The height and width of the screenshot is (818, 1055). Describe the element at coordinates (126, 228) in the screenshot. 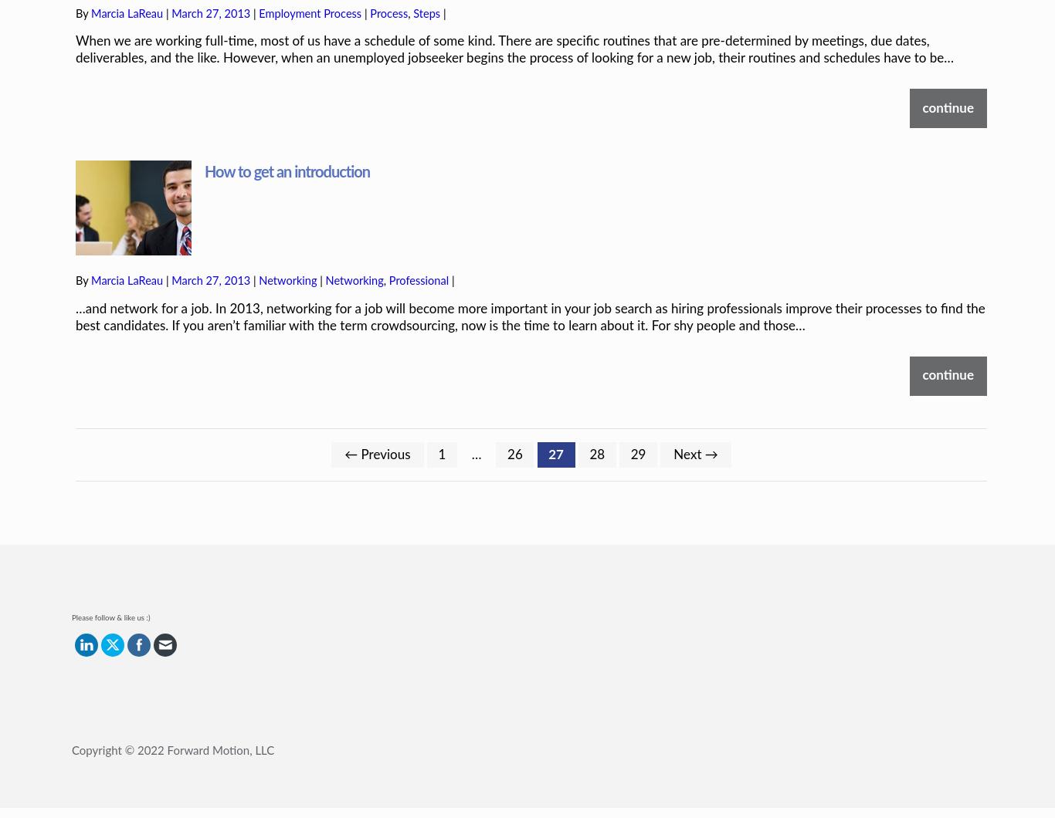

I see `'Marcia LaReau'` at that location.